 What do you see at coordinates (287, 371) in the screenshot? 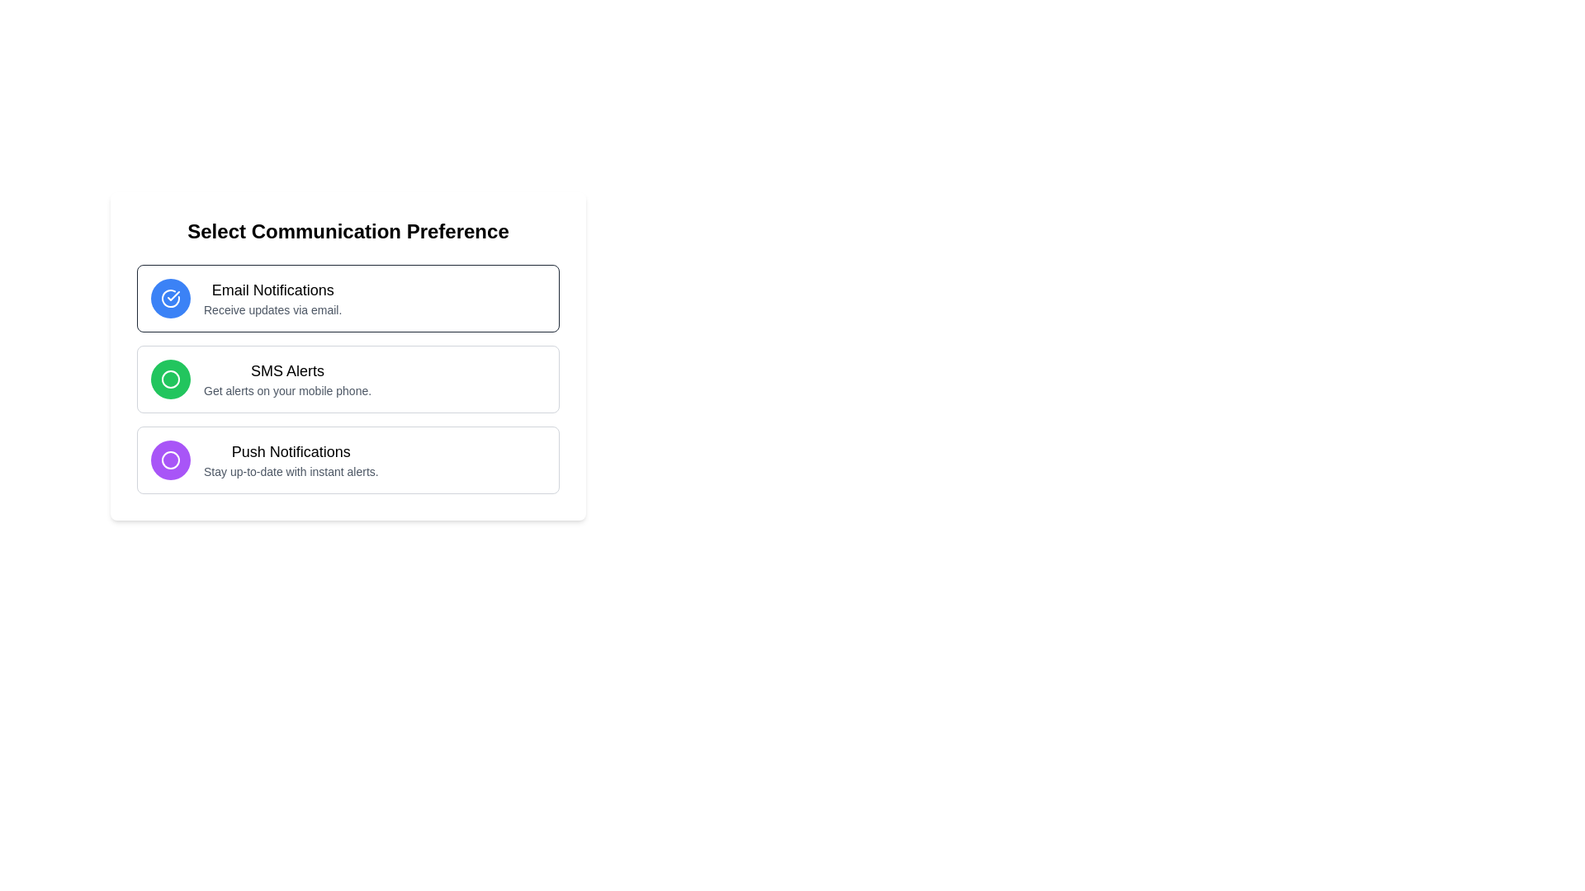
I see `the 'SMS Alerts' text label, which is centrally aligned within the second option box of communication preferences, to interact with it` at bounding box center [287, 371].